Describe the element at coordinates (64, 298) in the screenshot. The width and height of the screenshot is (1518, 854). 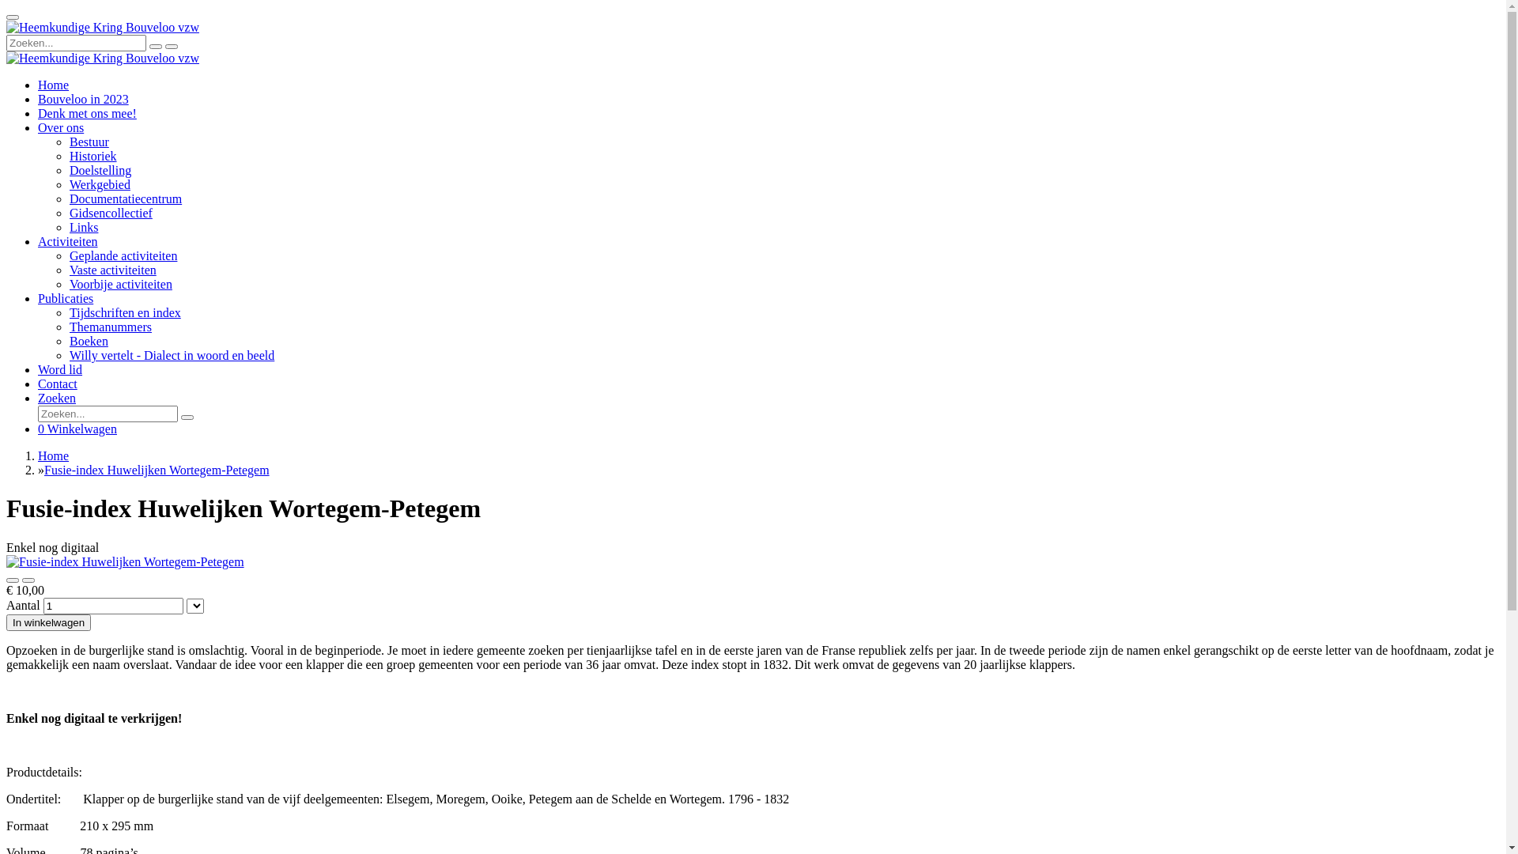
I see `'Publicaties'` at that location.